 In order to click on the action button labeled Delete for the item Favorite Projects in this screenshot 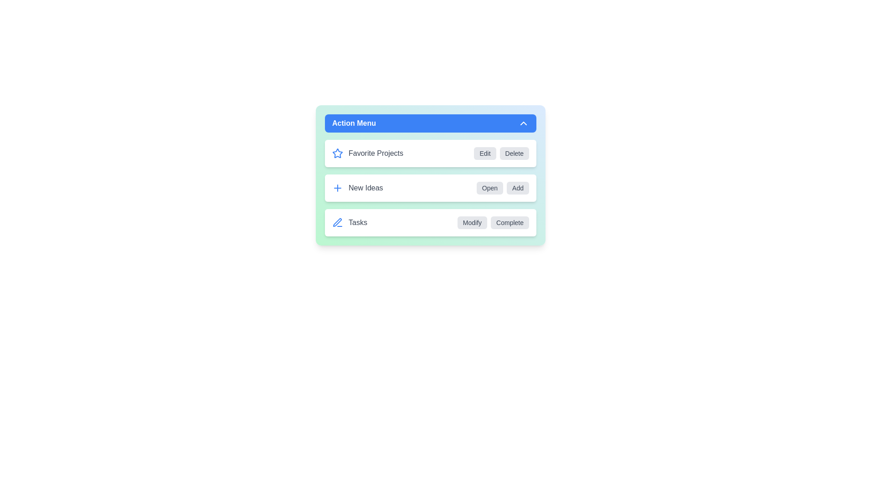, I will do `click(514, 153)`.